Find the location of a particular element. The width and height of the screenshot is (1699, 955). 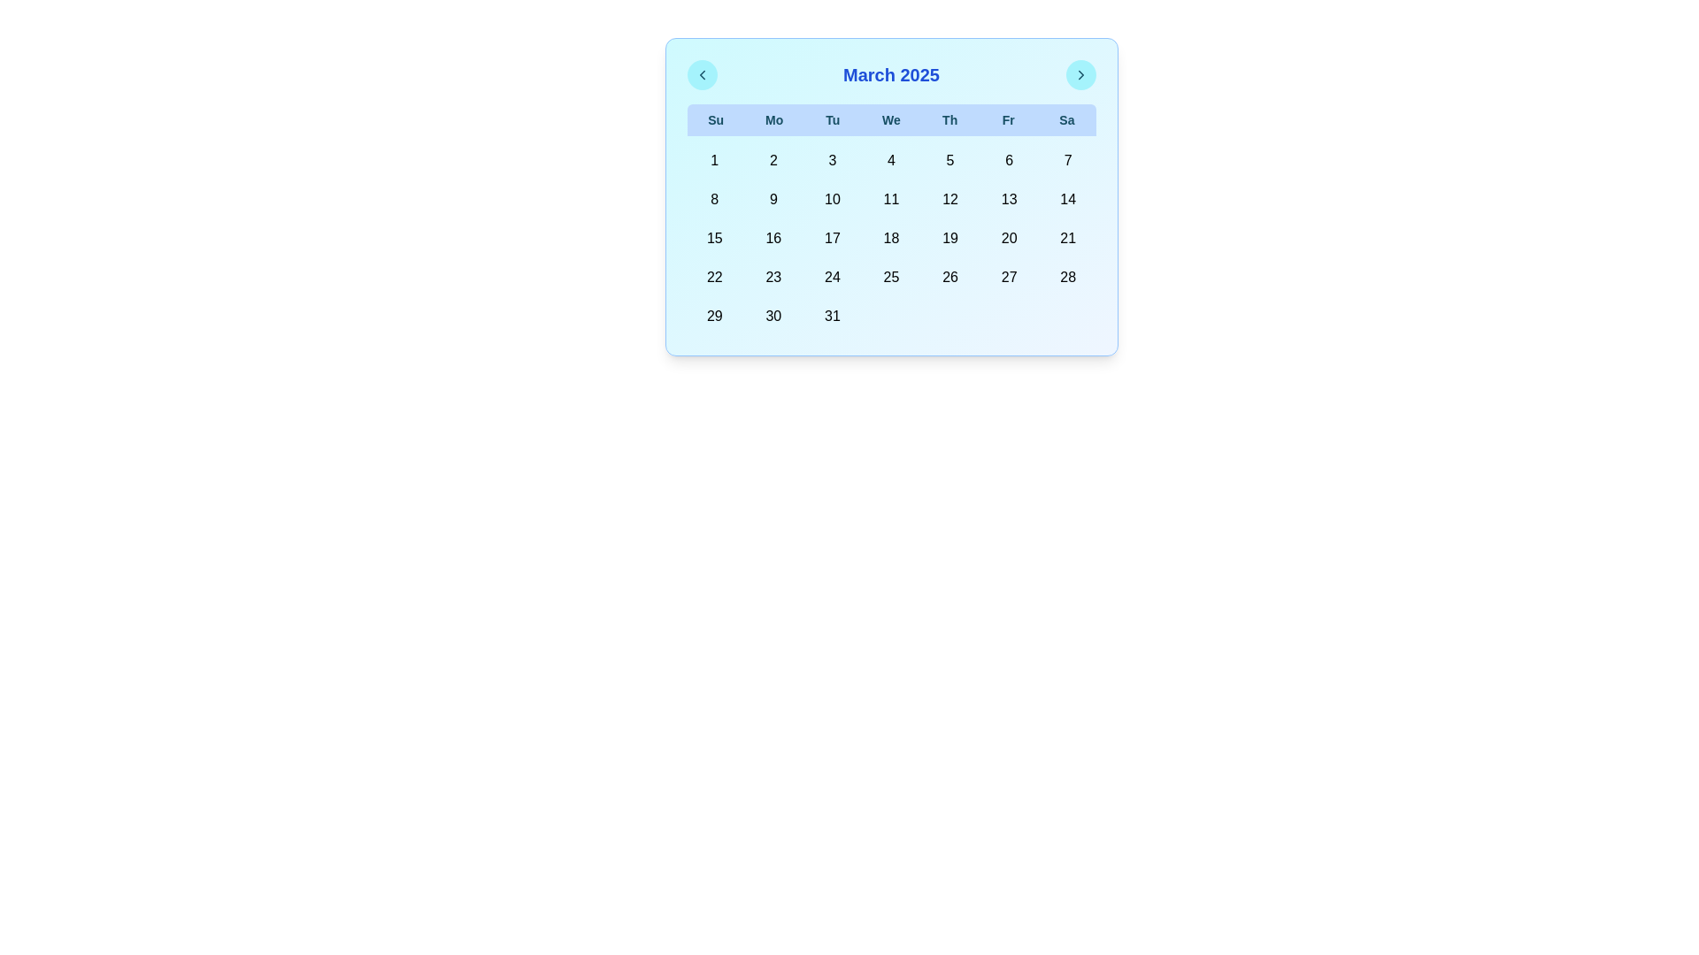

the header row of the calendar grid, which provides day-of-the-week labels and is located just below the title 'March 2025' is located at coordinates (891, 119).